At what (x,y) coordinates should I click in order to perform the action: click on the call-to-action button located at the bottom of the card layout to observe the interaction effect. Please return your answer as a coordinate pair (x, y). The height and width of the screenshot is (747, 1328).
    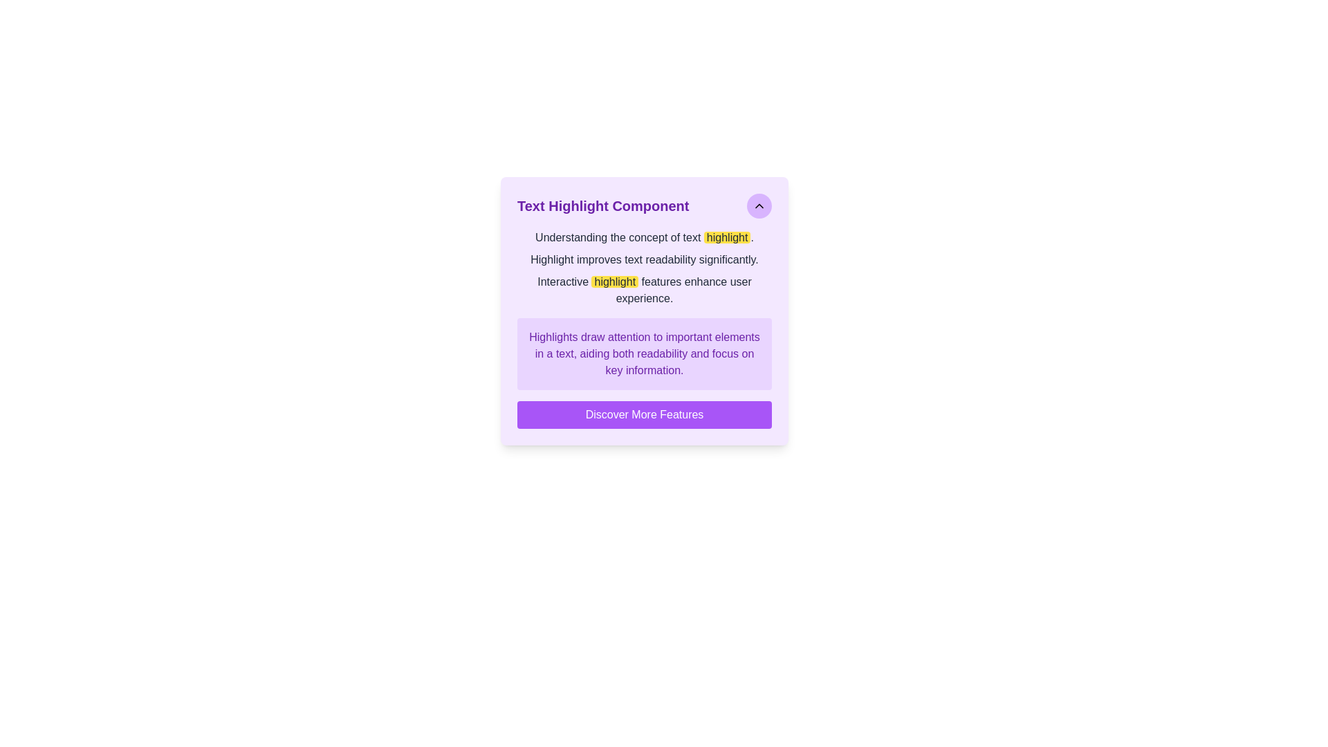
    Looking at the image, I should click on (643, 414).